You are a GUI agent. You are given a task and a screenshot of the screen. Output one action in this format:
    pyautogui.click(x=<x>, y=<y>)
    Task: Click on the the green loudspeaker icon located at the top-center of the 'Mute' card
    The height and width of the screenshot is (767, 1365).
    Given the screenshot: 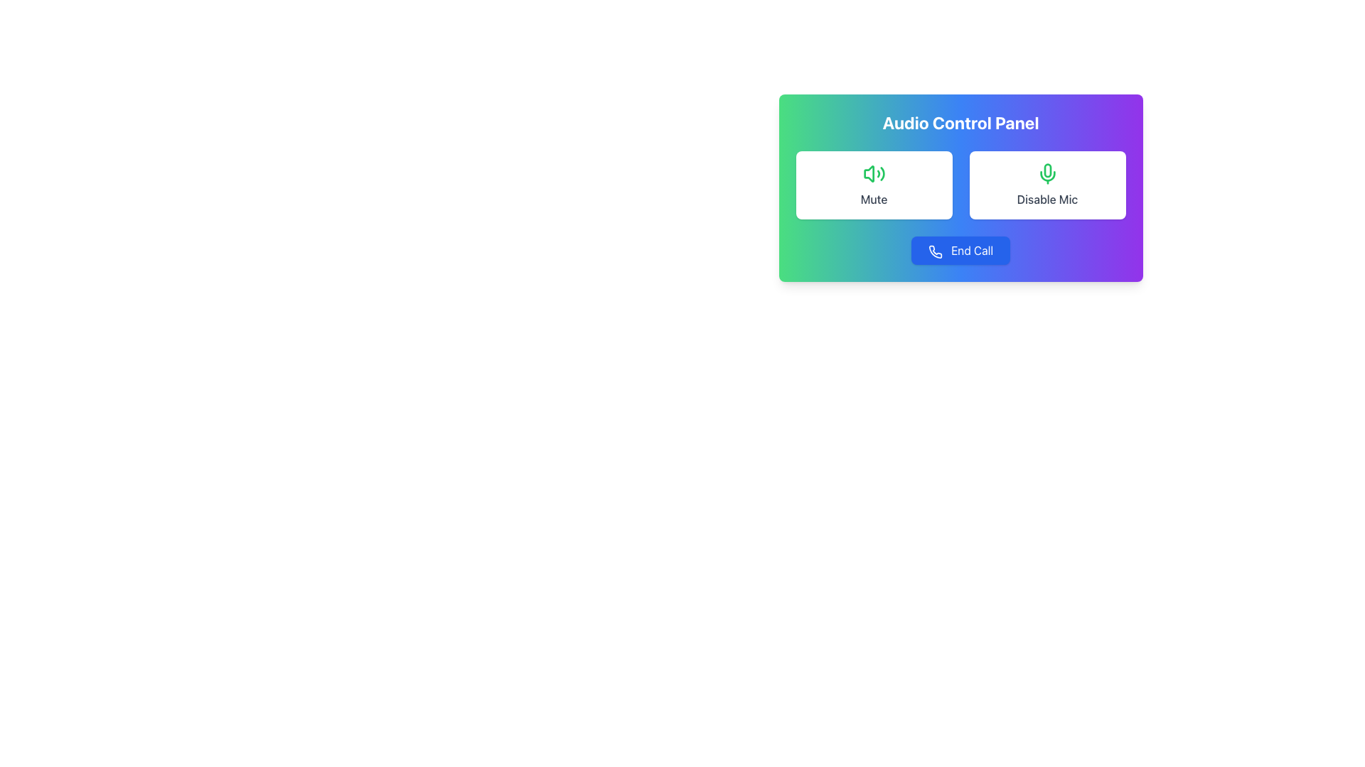 What is the action you would take?
    pyautogui.click(x=873, y=173)
    